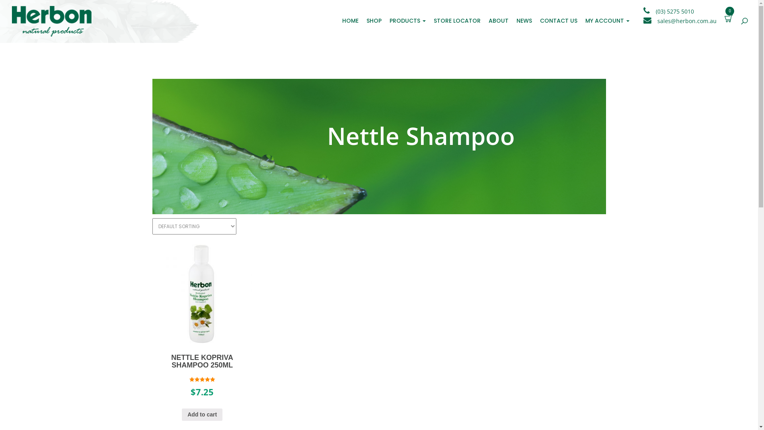  I want to click on 'ABOUT', so click(484, 20).